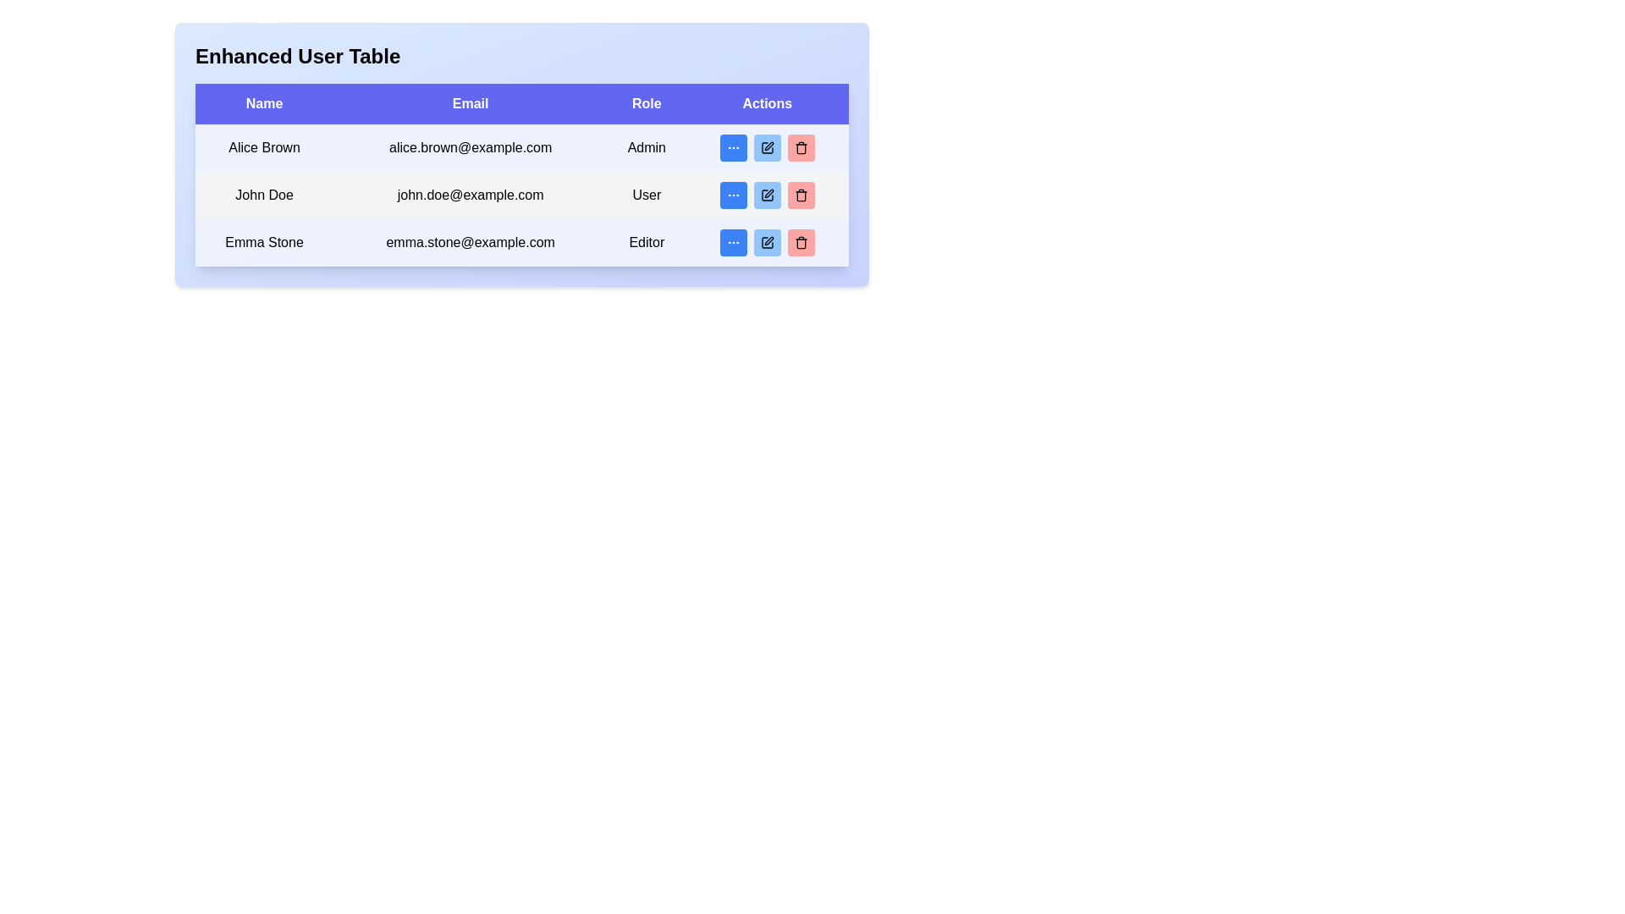 This screenshot has height=914, width=1625. What do you see at coordinates (733, 146) in the screenshot?
I see `the button in the 'Actions' column for 'Alice Brown'` at bounding box center [733, 146].